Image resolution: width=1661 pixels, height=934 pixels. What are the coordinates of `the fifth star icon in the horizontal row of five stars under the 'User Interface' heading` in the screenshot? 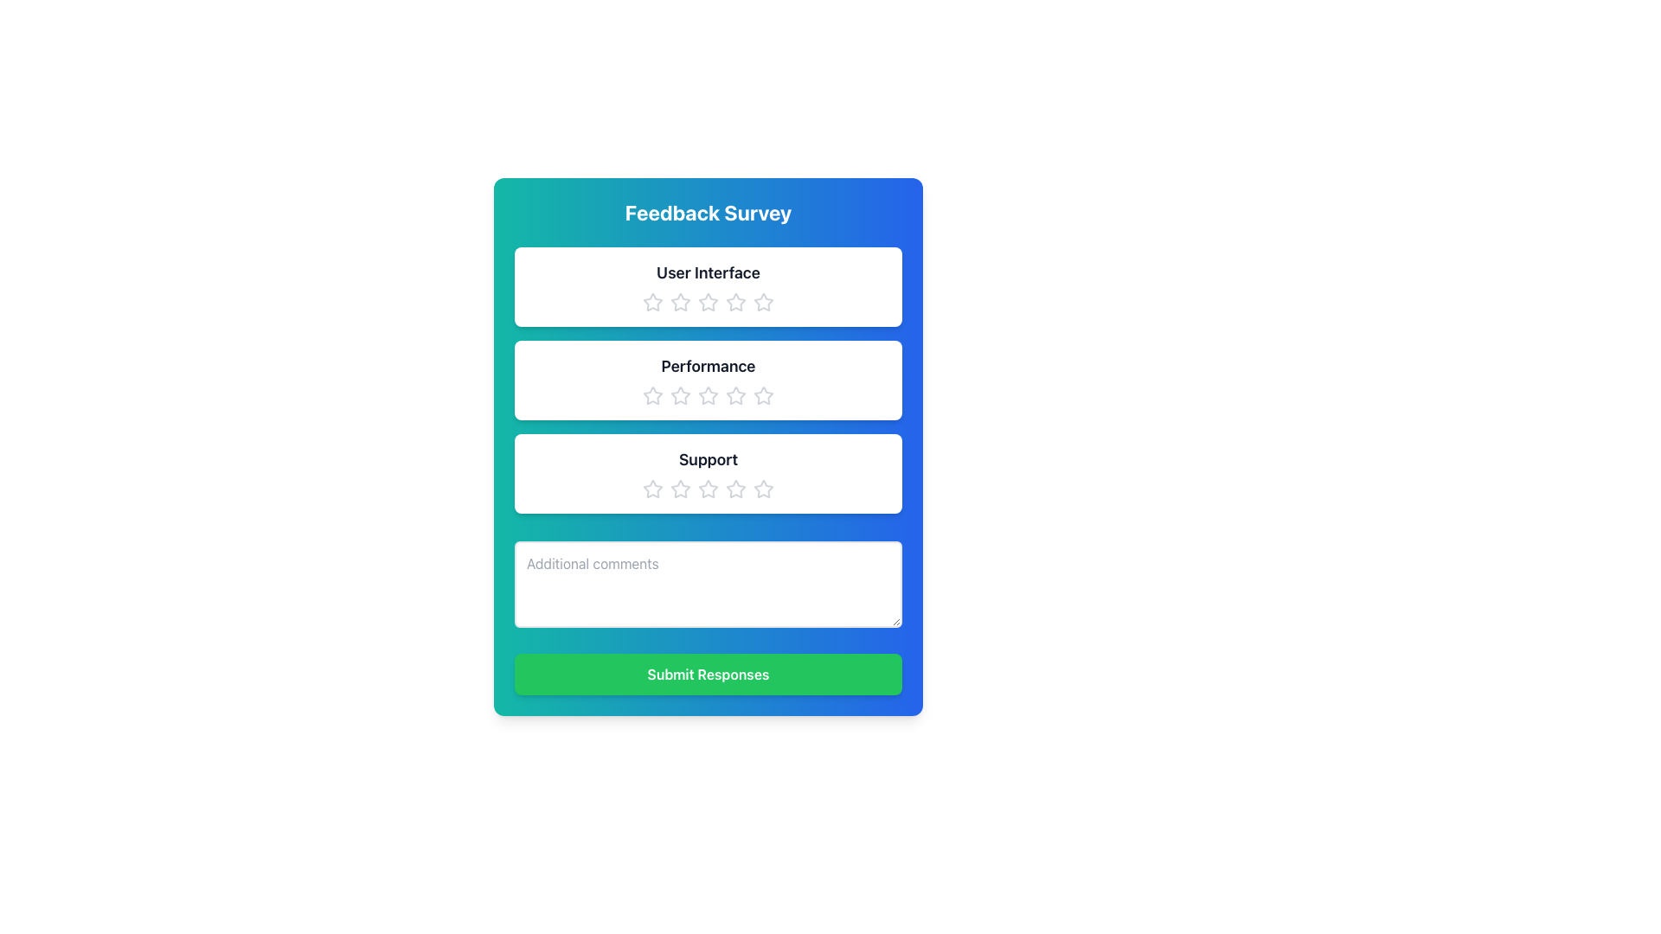 It's located at (763, 302).